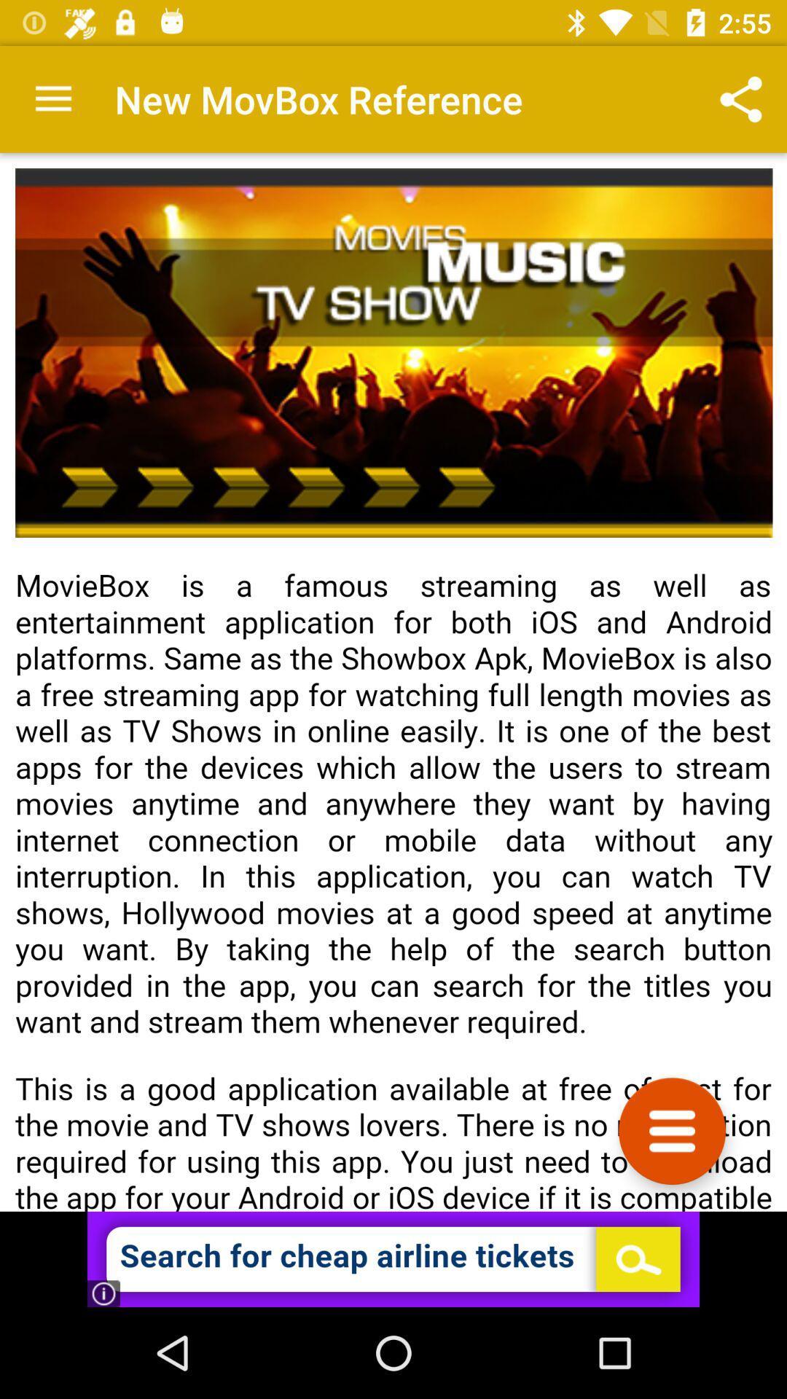  Describe the element at coordinates (672, 1130) in the screenshot. I see `click side menu option` at that location.